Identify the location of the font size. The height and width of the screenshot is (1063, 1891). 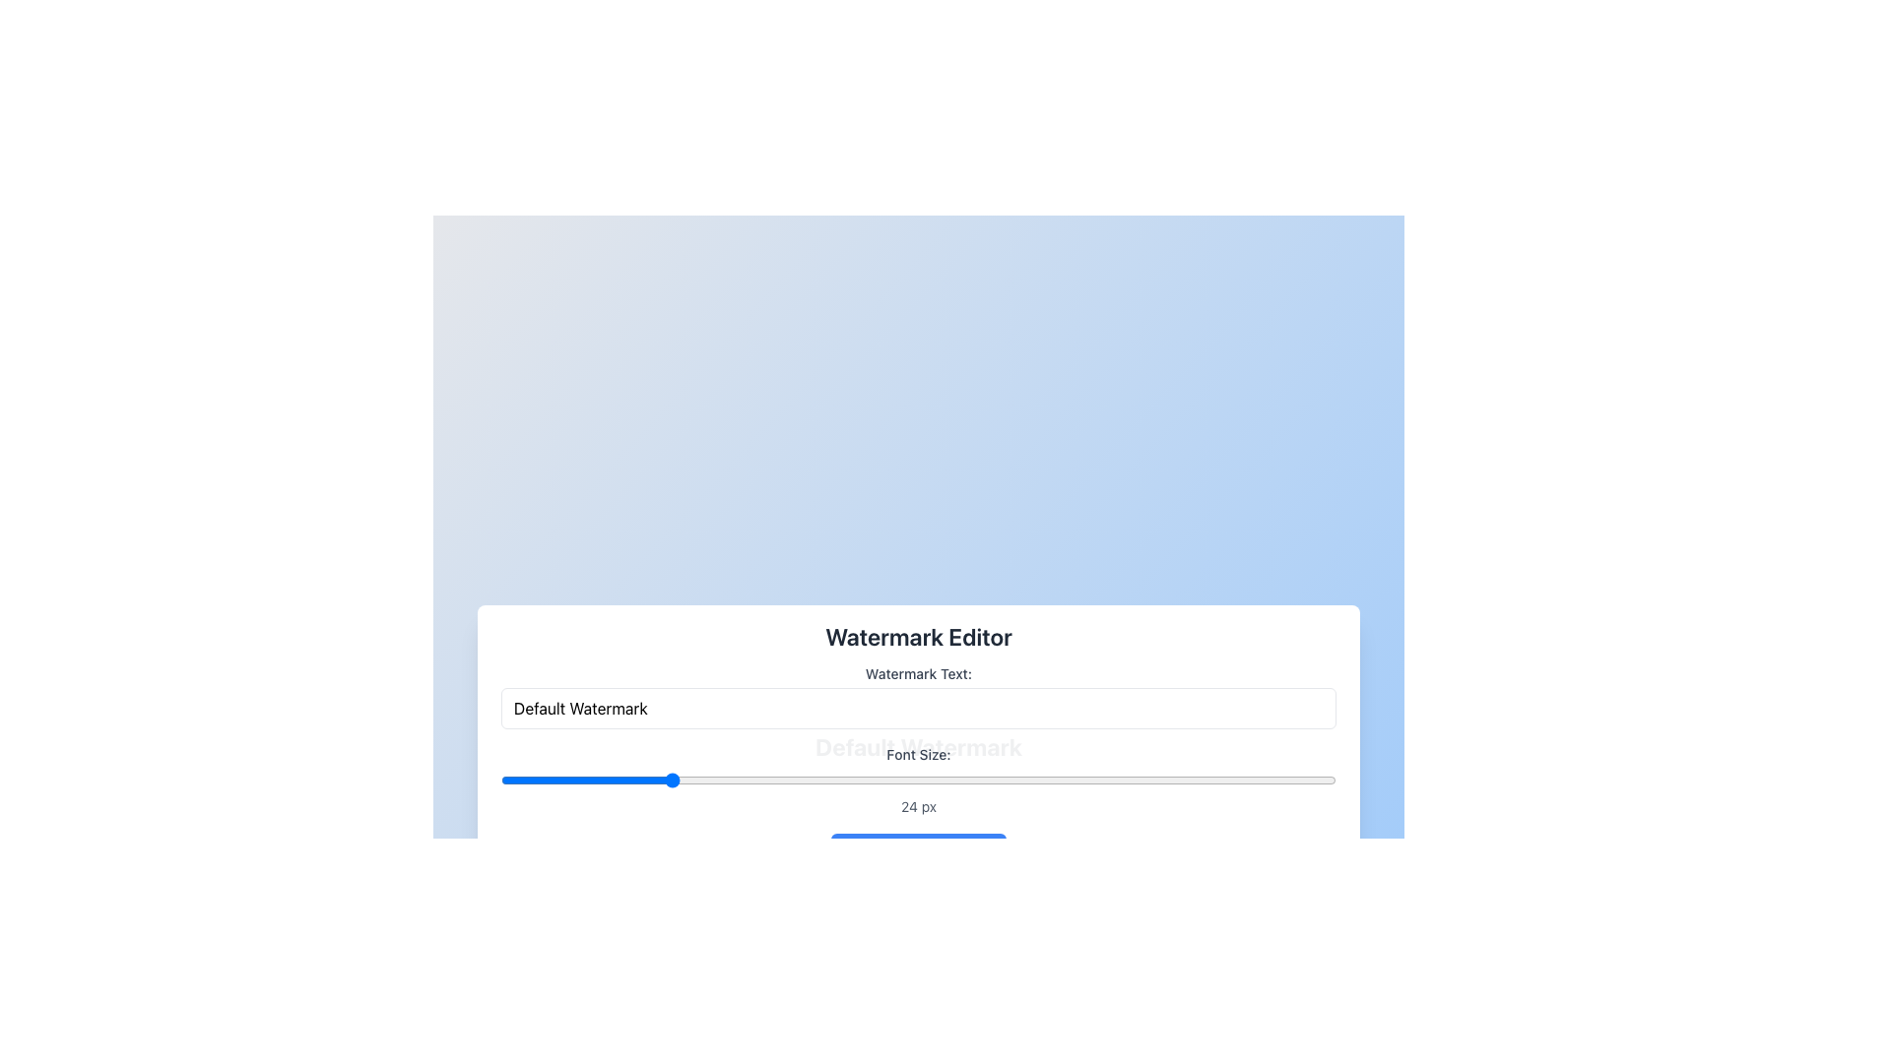
(942, 780).